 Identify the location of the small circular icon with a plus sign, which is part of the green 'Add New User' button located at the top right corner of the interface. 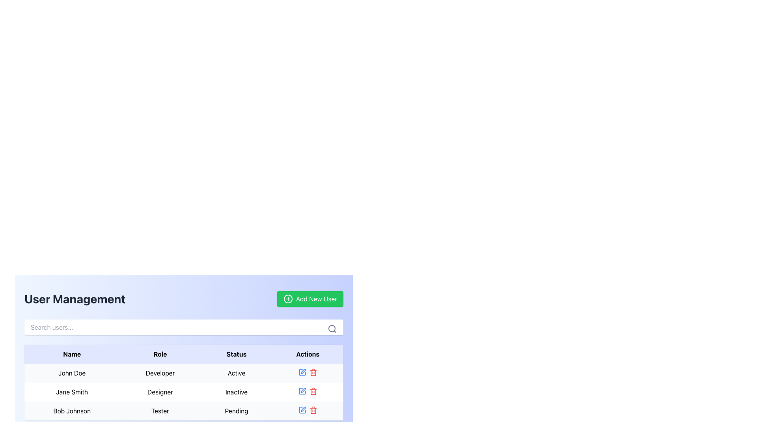
(287, 299).